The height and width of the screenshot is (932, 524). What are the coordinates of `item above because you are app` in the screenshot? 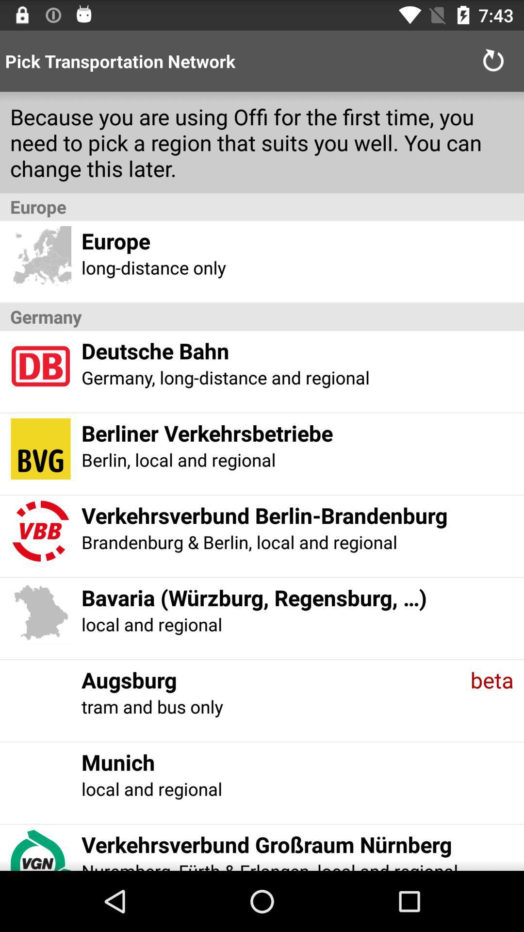 It's located at (493, 60).